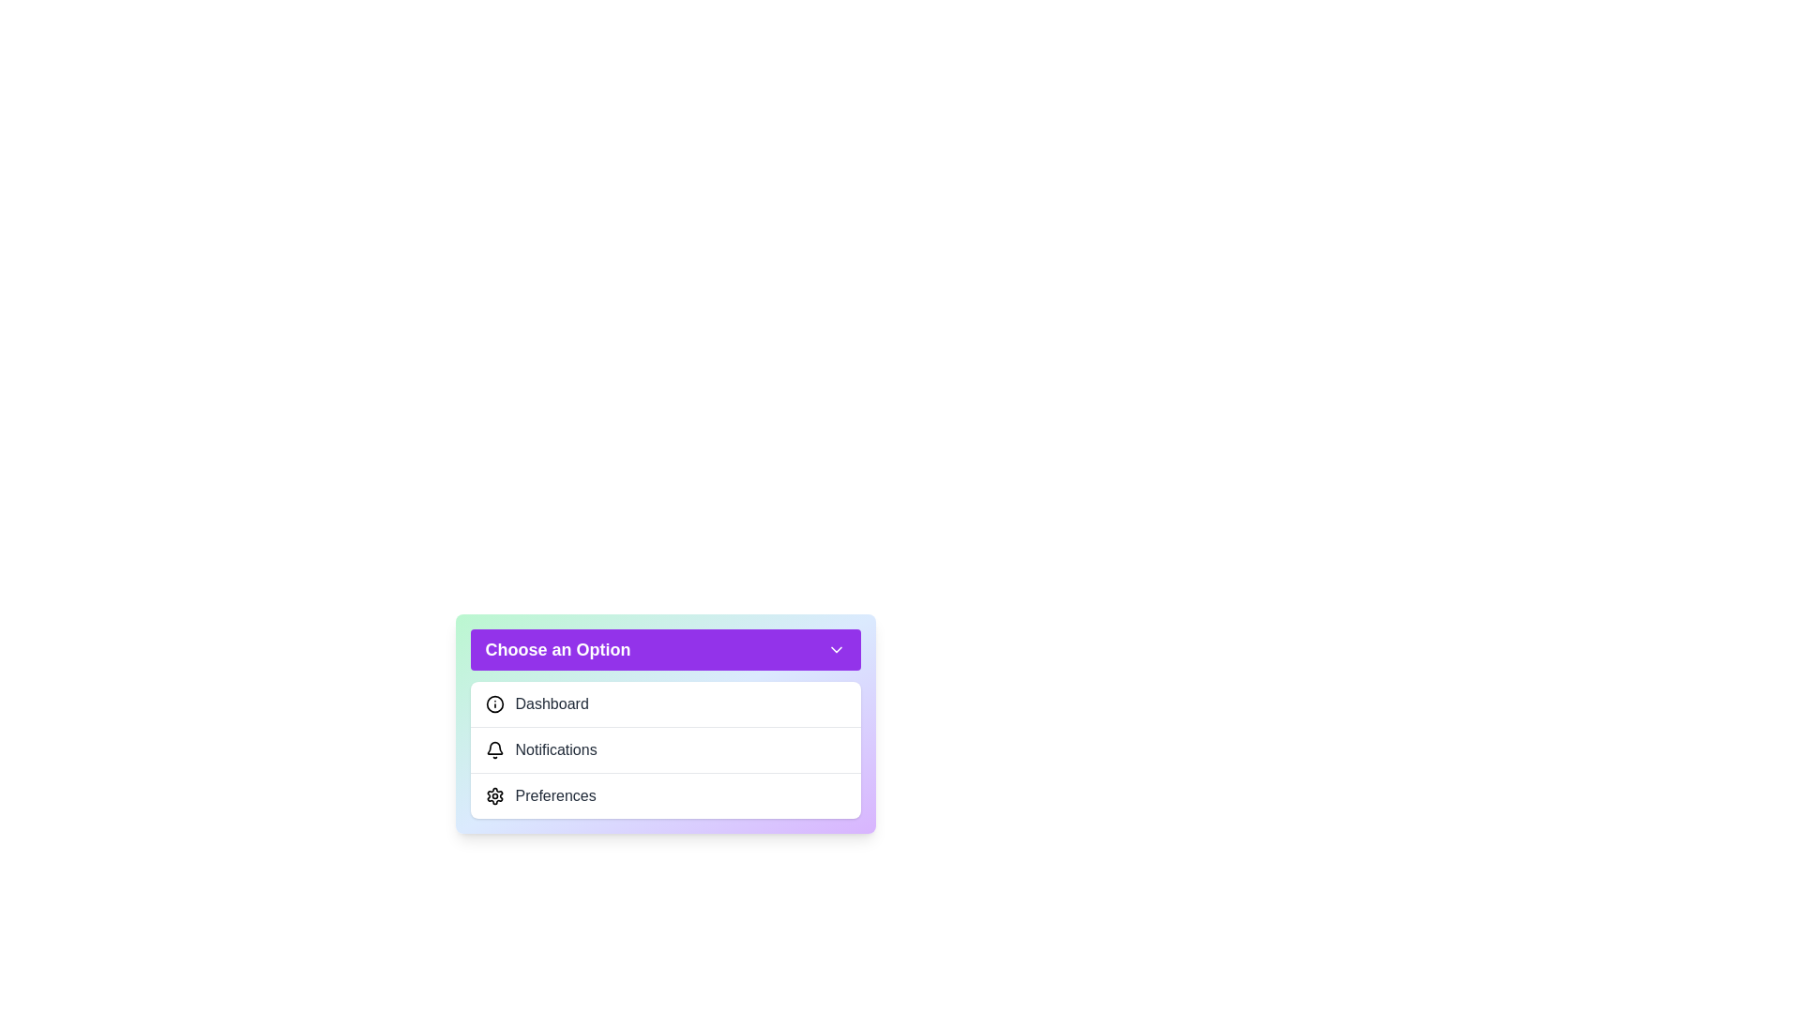 This screenshot has width=1801, height=1013. I want to click on the icon next to the menu item Dashboard, so click(494, 704).